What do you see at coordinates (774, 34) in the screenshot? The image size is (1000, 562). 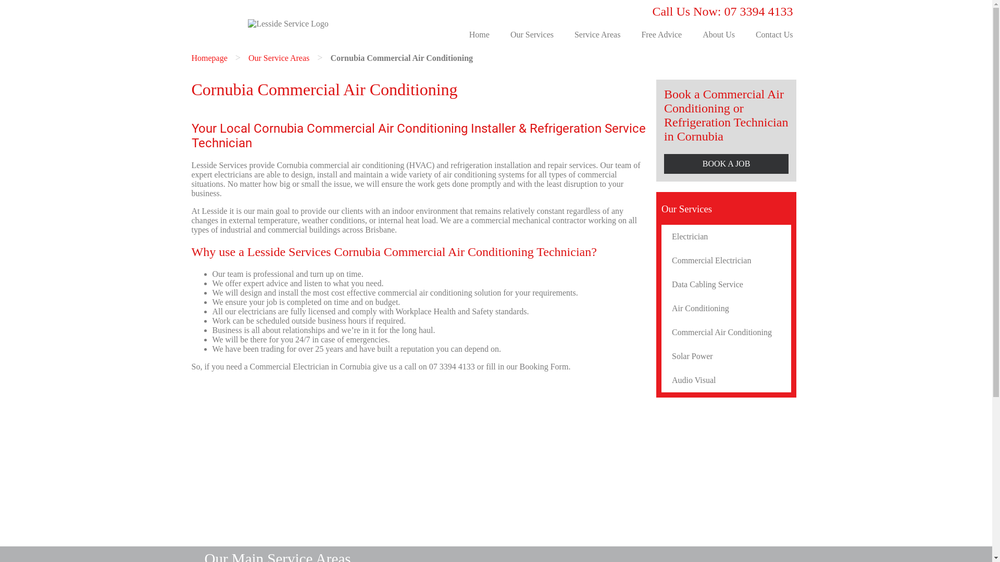 I see `'Contact Us'` at bounding box center [774, 34].